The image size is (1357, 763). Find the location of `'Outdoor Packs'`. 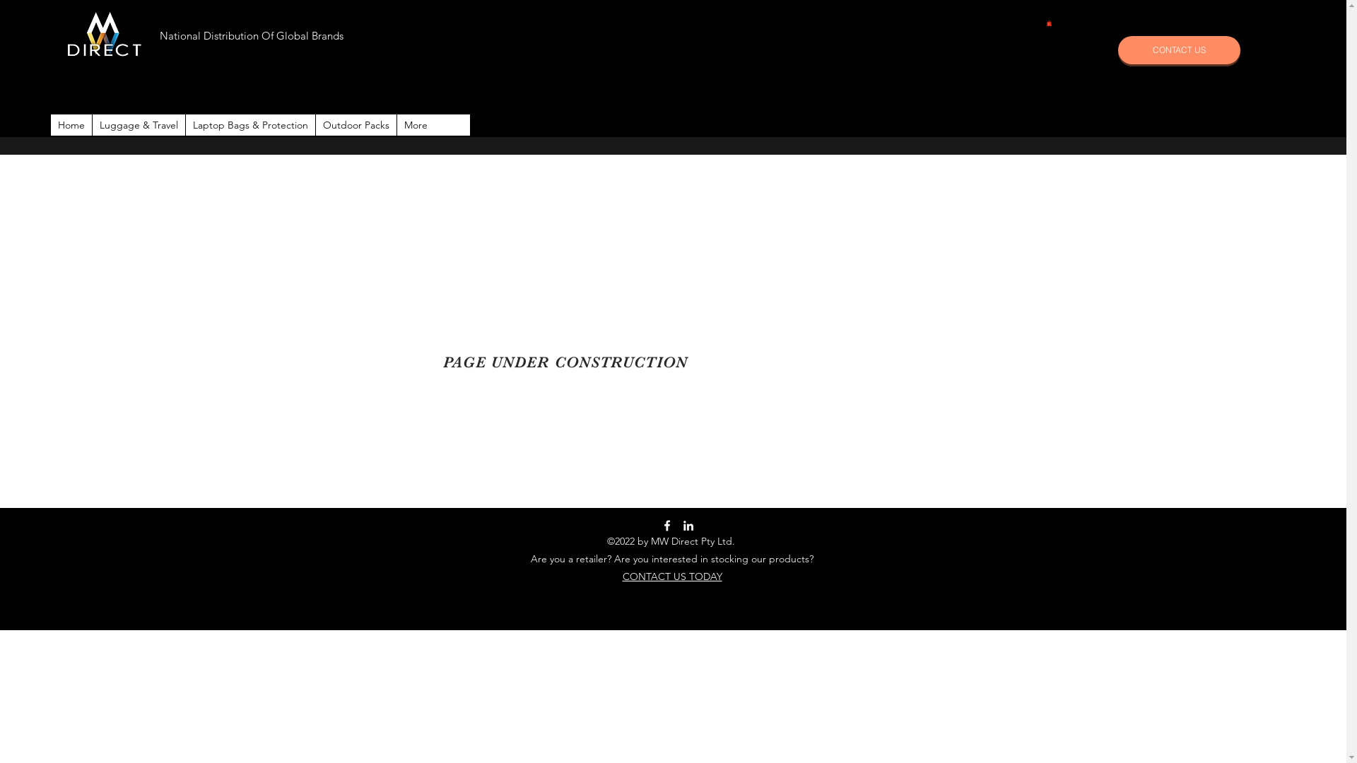

'Outdoor Packs' is located at coordinates (315, 124).